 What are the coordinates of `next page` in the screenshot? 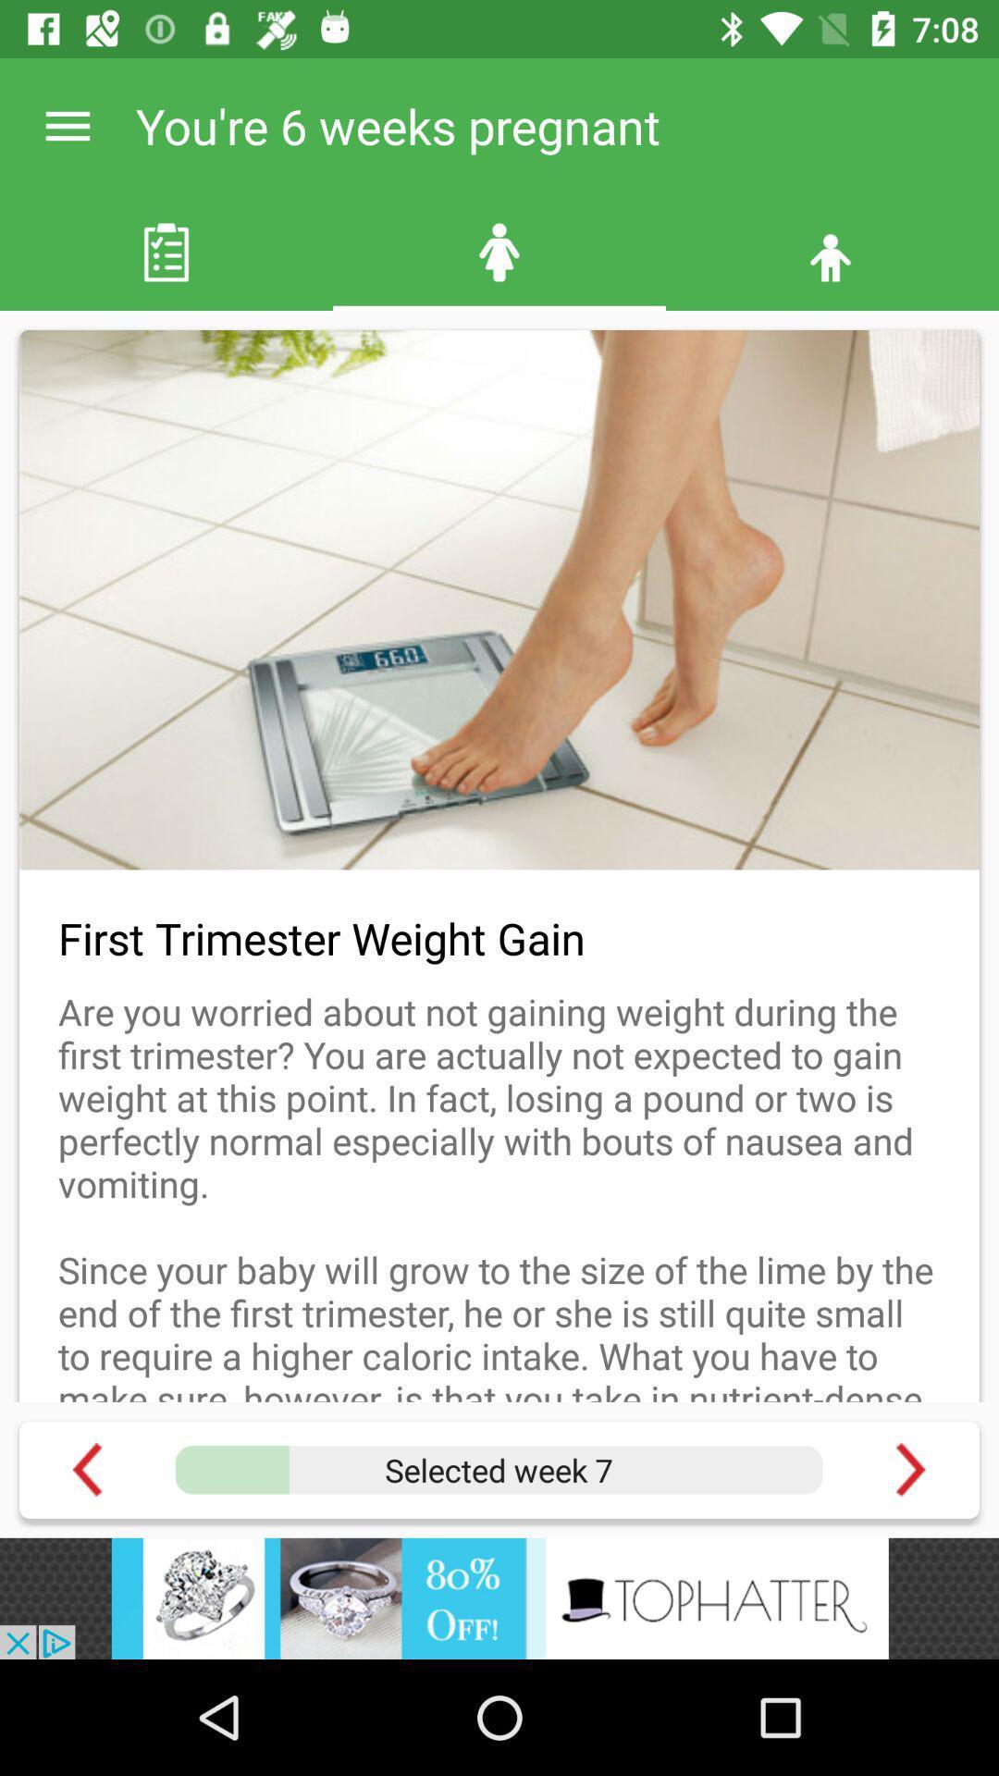 It's located at (909, 1469).